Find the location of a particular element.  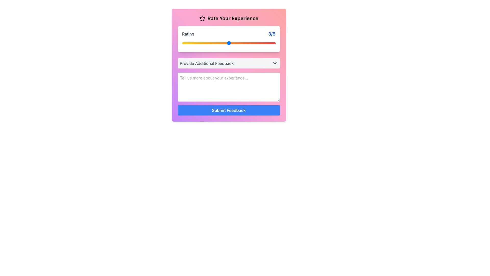

the slider is located at coordinates (252, 43).